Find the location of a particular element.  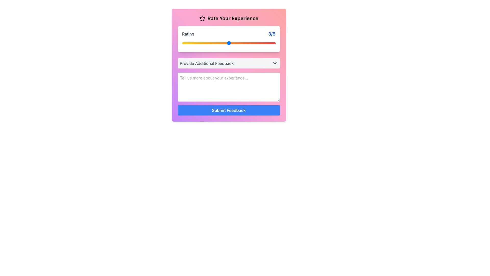

the slider is located at coordinates (252, 43).